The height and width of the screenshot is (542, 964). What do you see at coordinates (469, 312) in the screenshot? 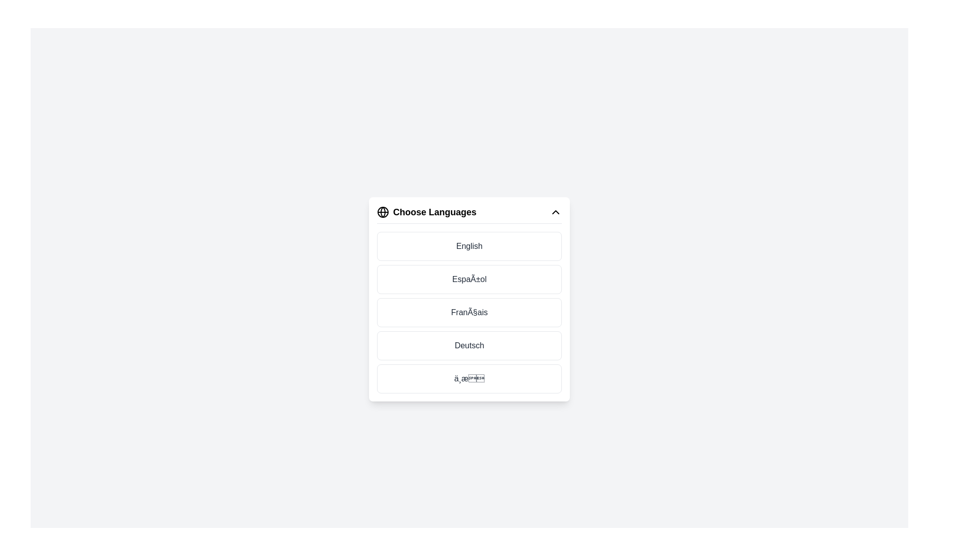
I see `the text label displaying 'Français', which is the third item in the 'Choose Languages' list, styled in medium-sized gray font` at bounding box center [469, 312].